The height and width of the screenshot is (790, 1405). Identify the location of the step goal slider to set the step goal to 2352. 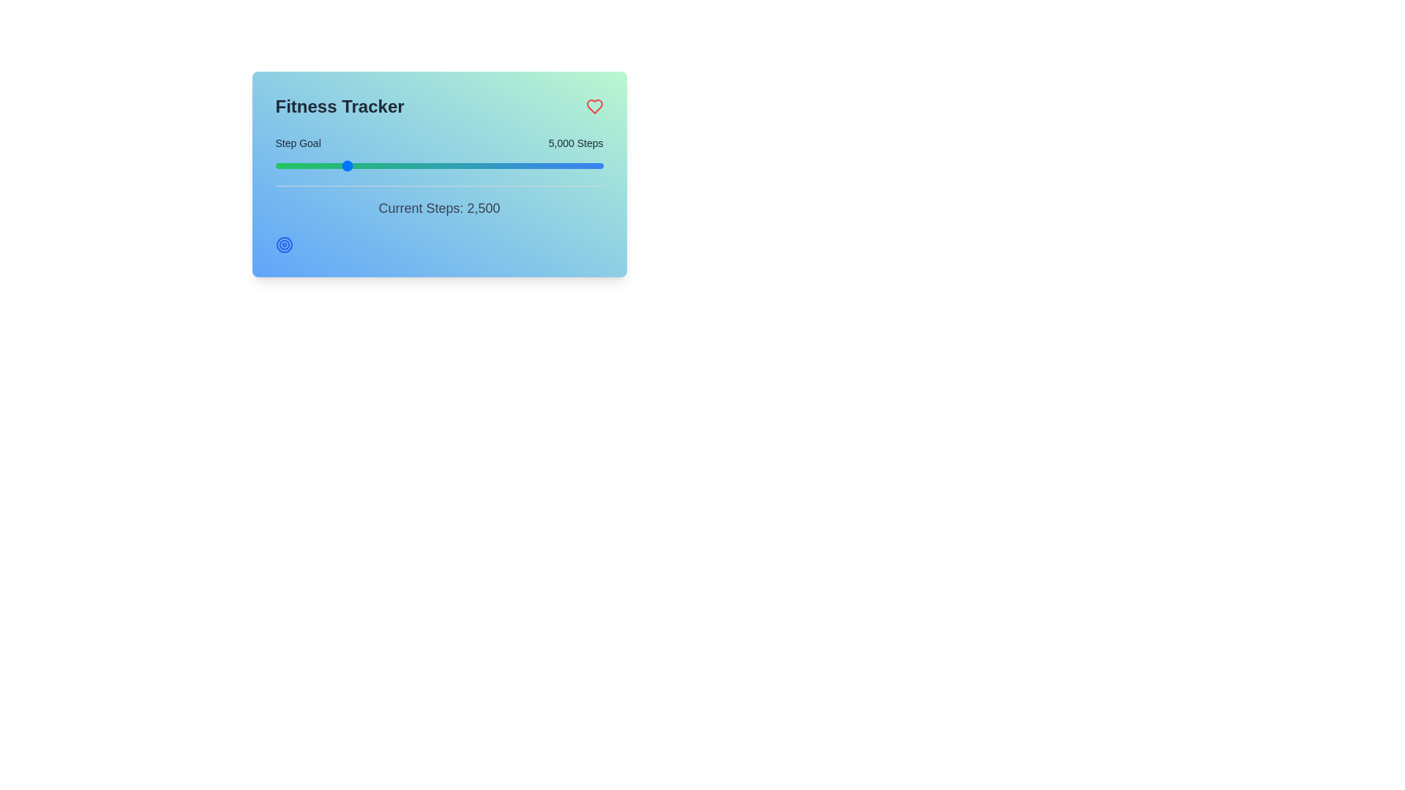
(298, 165).